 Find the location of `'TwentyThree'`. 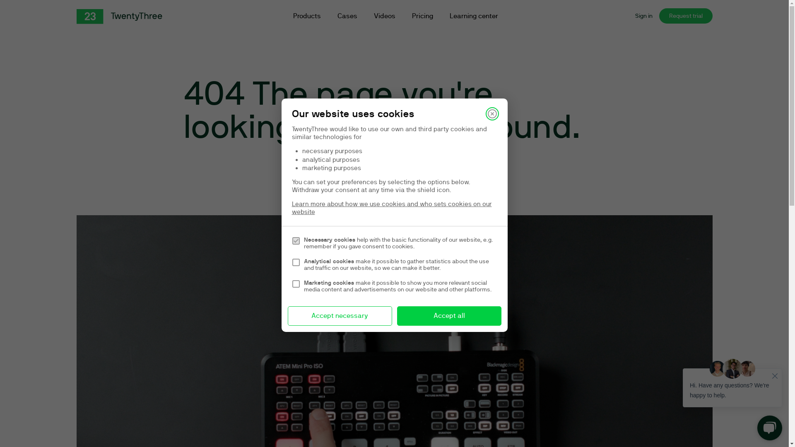

'TwentyThree' is located at coordinates (76, 16).